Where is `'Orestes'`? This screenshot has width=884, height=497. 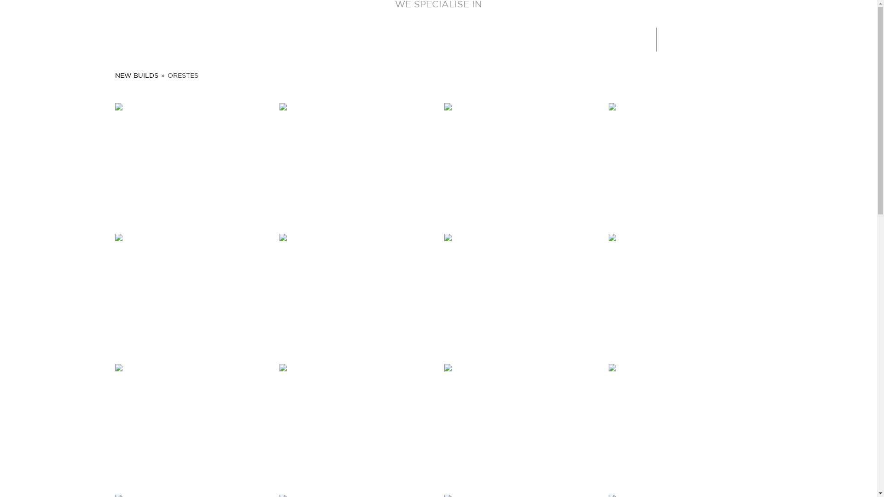
'Orestes' is located at coordinates (355, 423).